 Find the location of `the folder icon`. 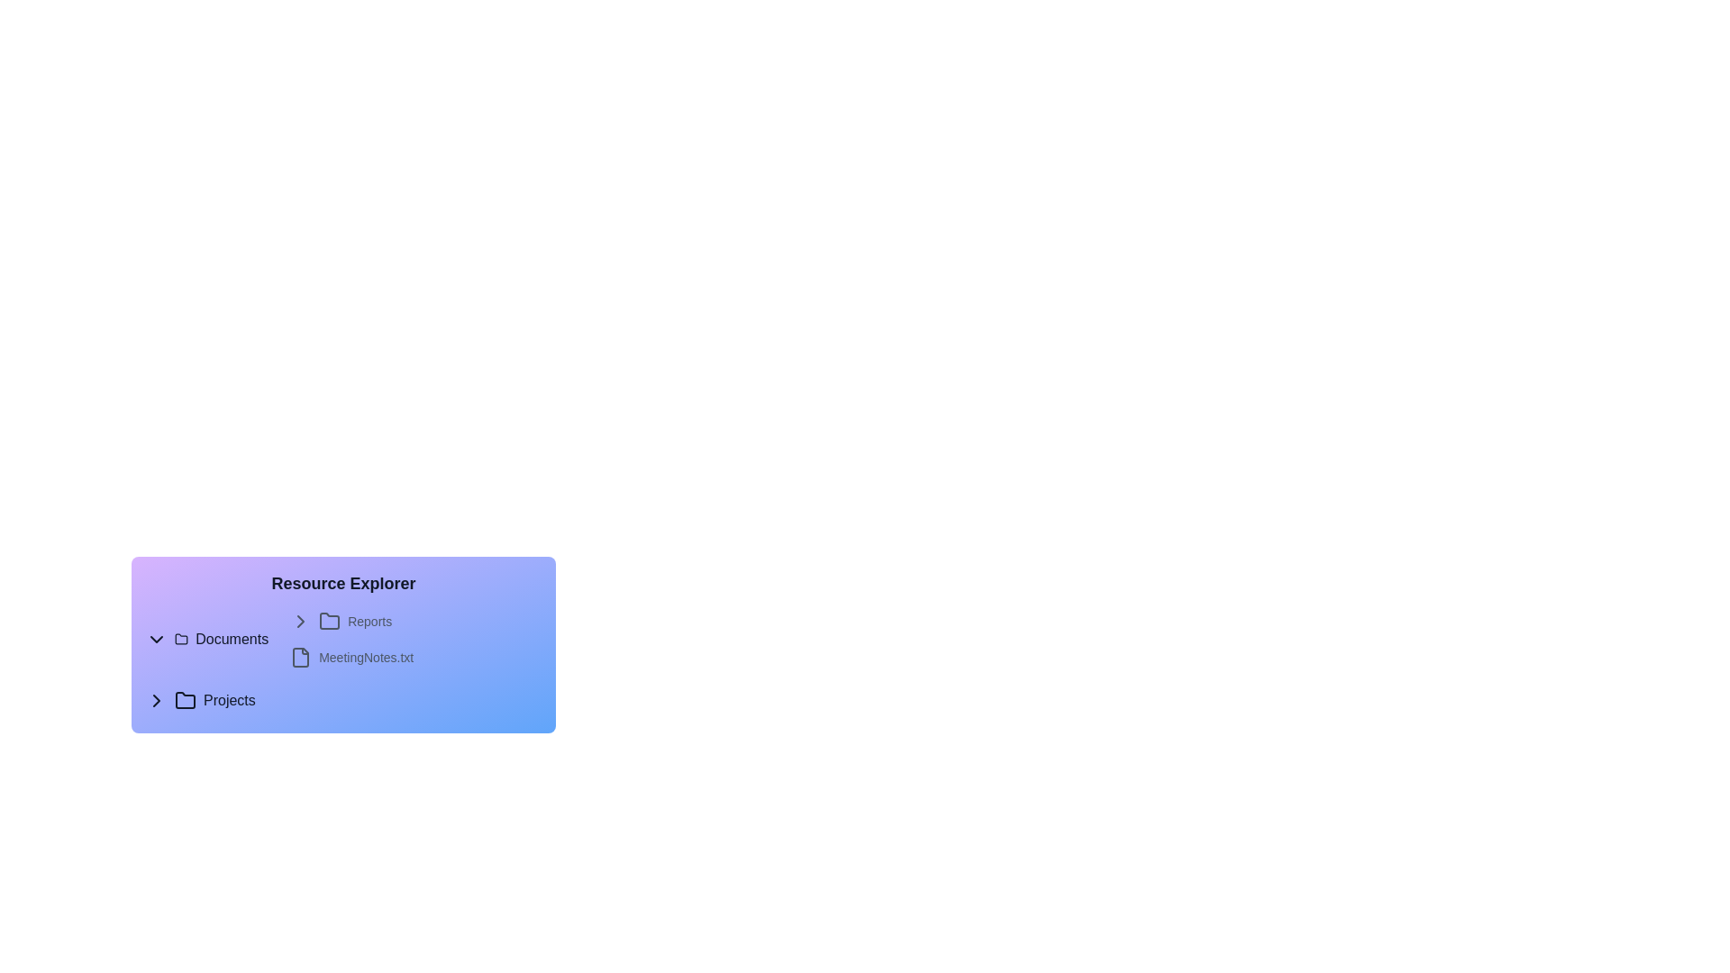

the folder icon is located at coordinates (329, 620).